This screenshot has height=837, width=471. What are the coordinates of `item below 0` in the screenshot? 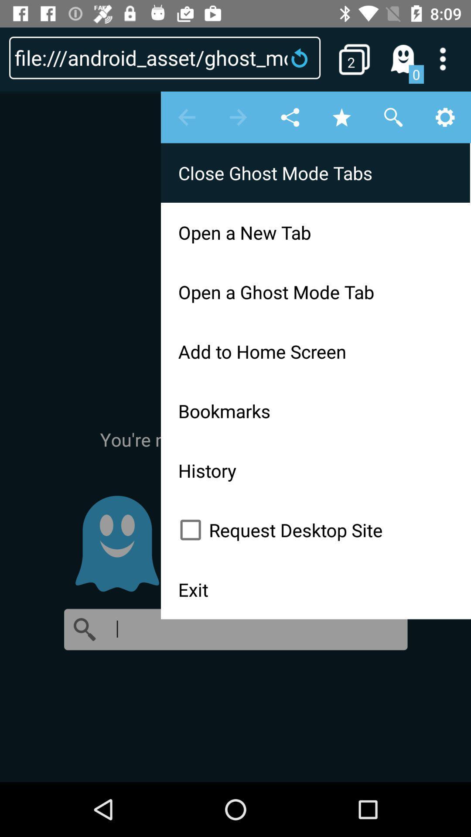 It's located at (235, 436).